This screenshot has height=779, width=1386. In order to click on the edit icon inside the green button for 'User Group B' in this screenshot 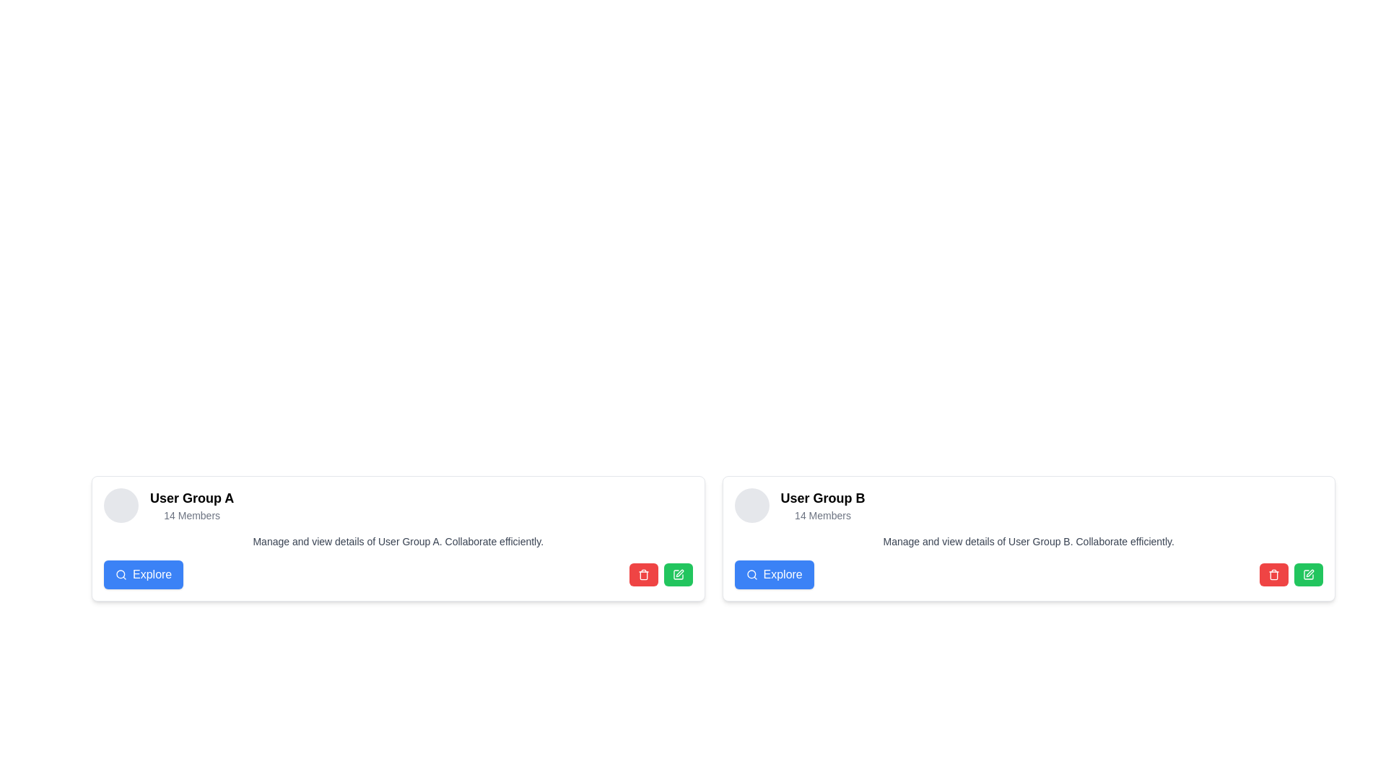, I will do `click(1309, 574)`.